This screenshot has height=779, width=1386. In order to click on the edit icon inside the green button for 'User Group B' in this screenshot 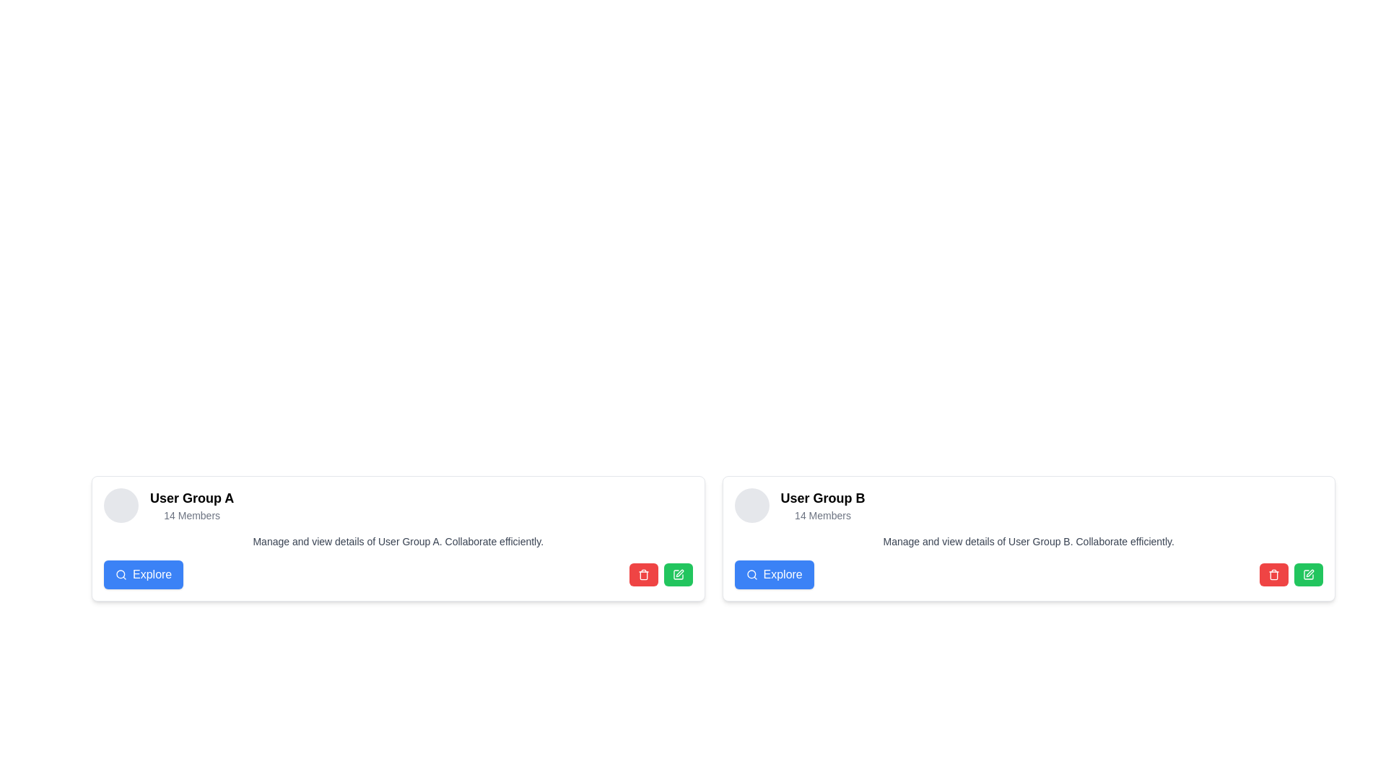, I will do `click(1309, 574)`.